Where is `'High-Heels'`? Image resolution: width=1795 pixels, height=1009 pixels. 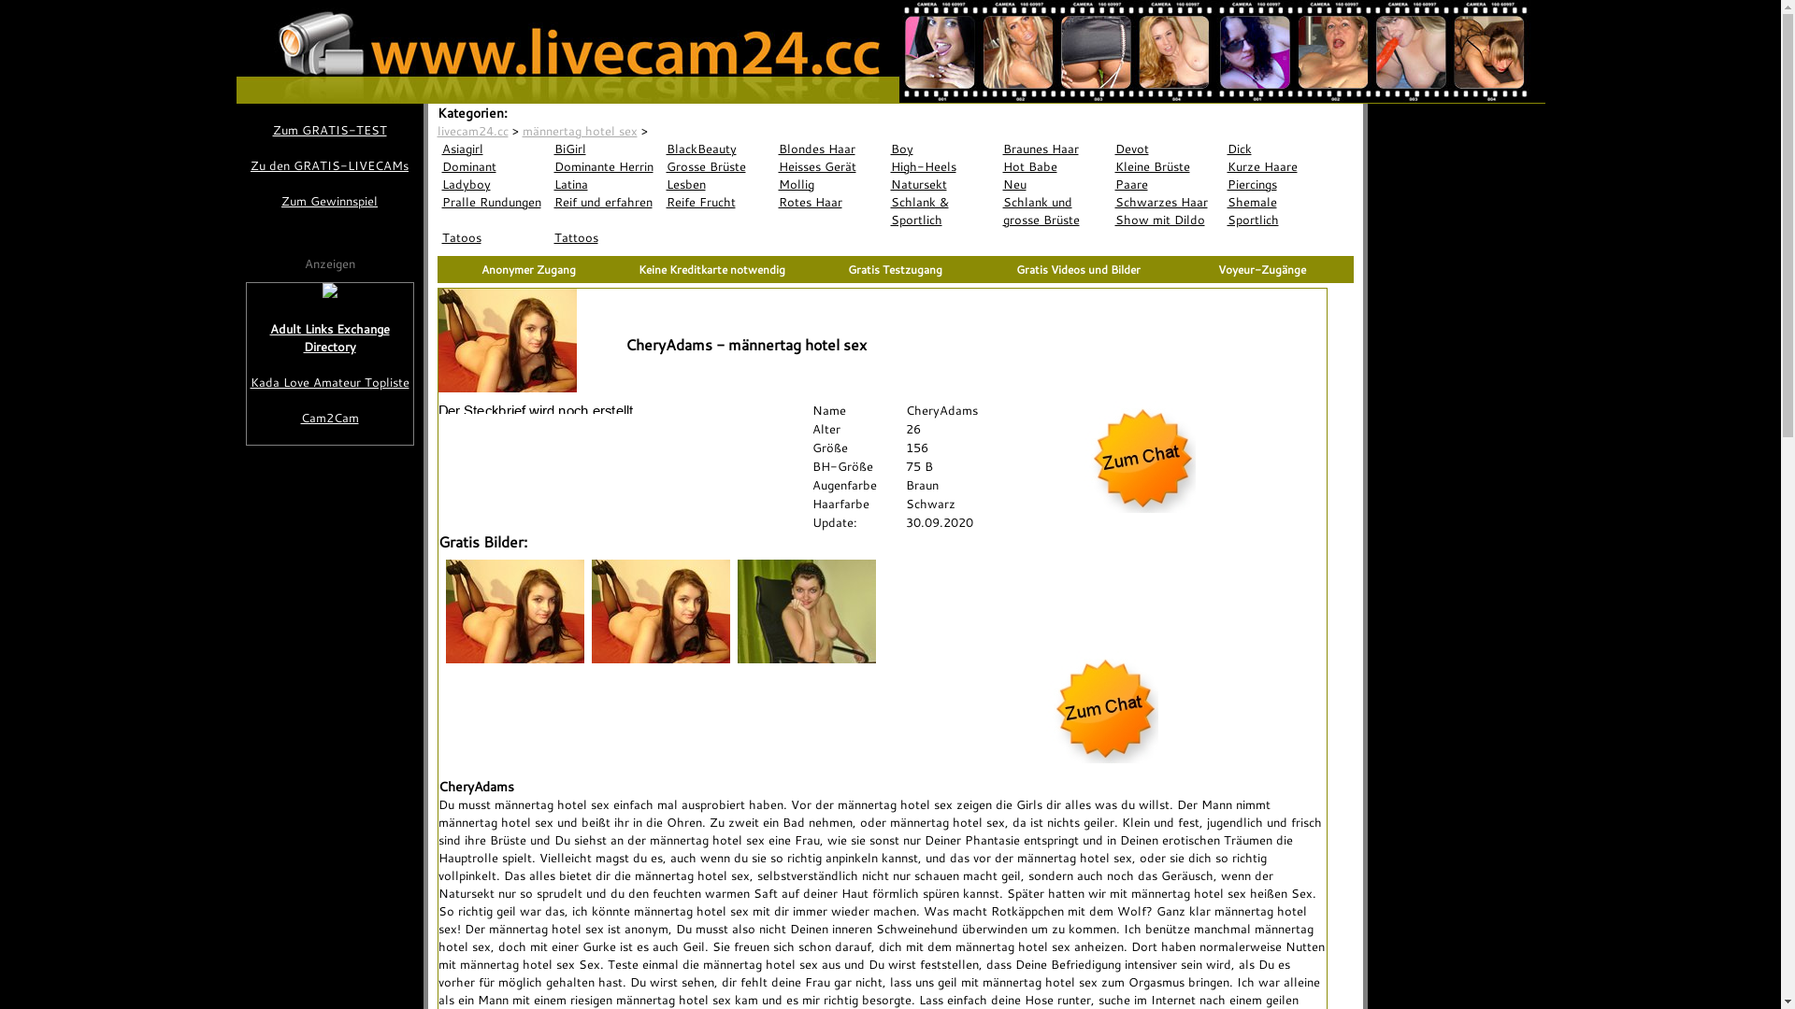
'High-Heels' is located at coordinates (942, 165).